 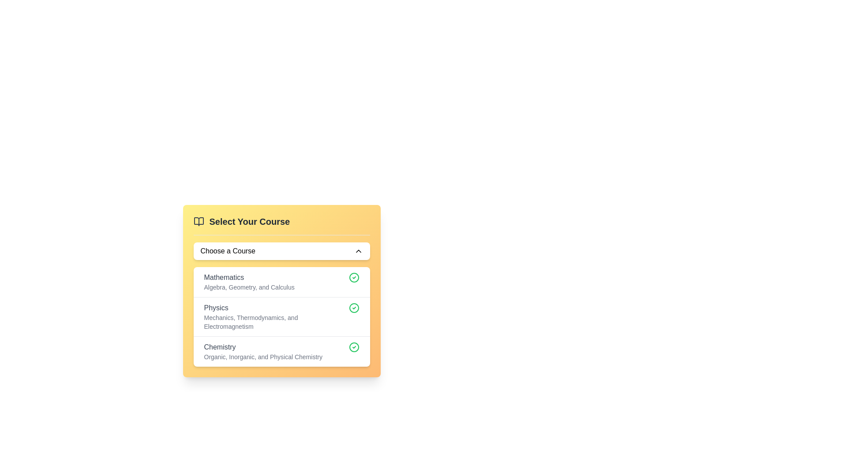 I want to click on the rectangular section with a white background that contains three rows of subject categories, each with bold titles and a circular icon on the far right, so click(x=281, y=316).